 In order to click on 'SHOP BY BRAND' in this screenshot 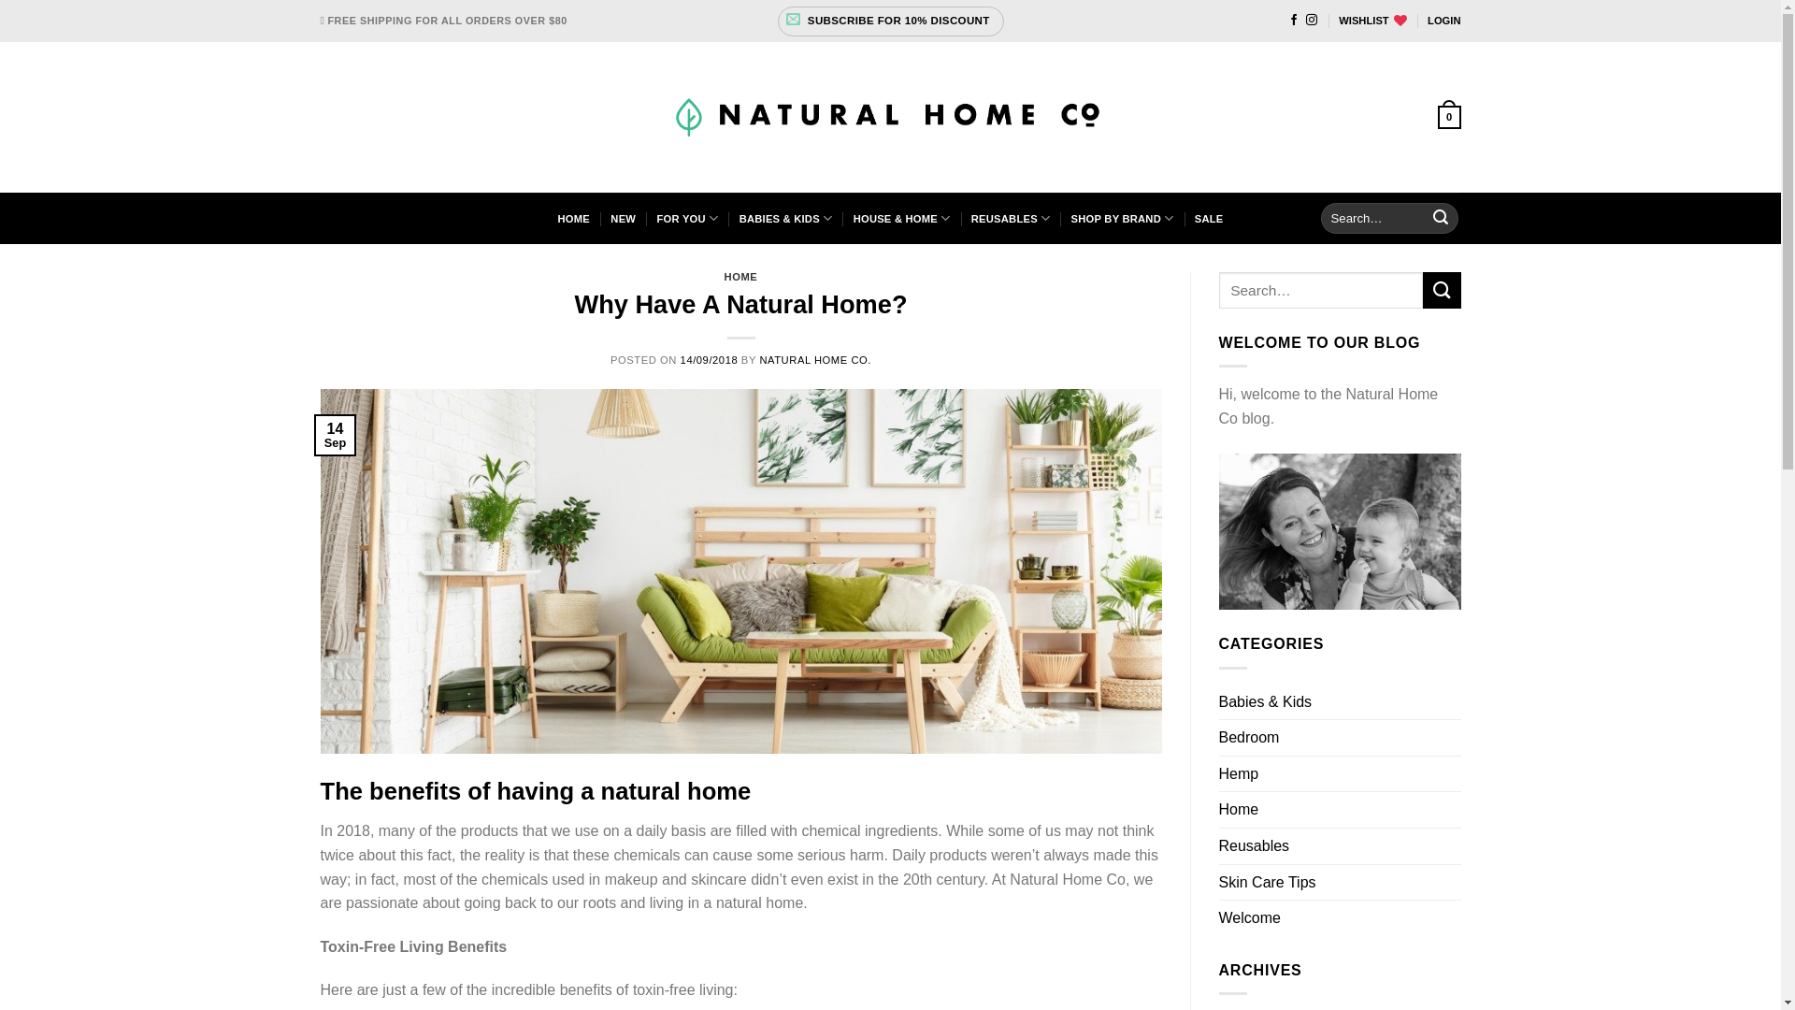, I will do `click(1122, 217)`.